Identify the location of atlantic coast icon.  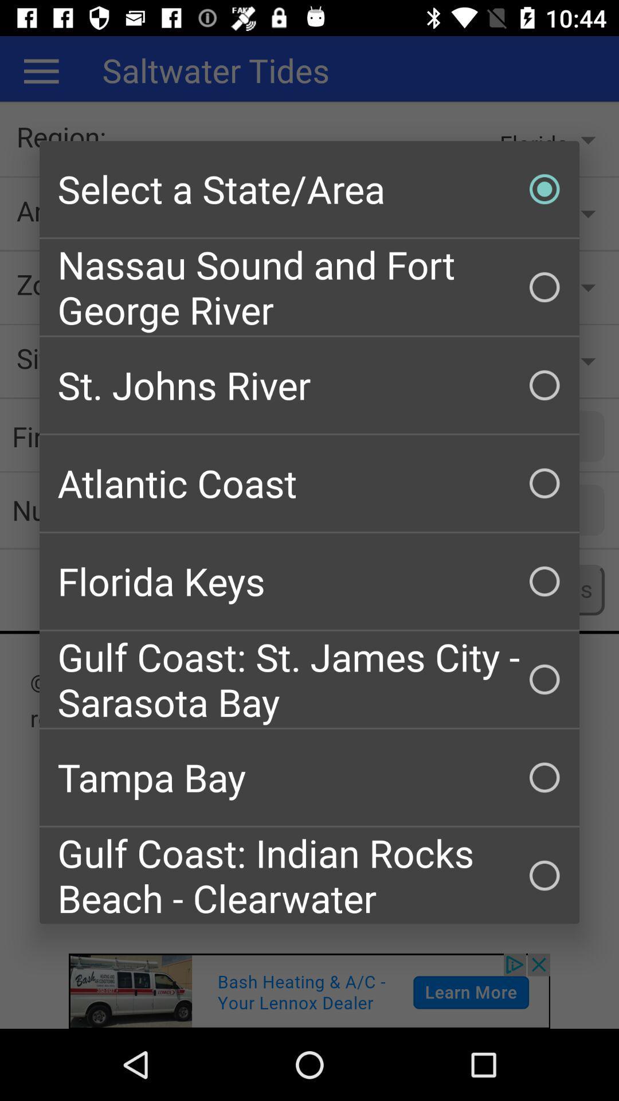
(309, 483).